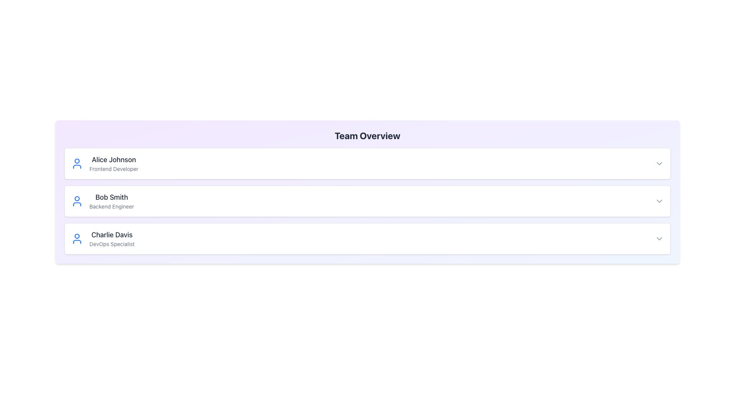 This screenshot has height=414, width=737. Describe the element at coordinates (104, 163) in the screenshot. I see `the profile entry text displaying the individual's name and role in the first visible row of the 'Team Overview' section` at that location.